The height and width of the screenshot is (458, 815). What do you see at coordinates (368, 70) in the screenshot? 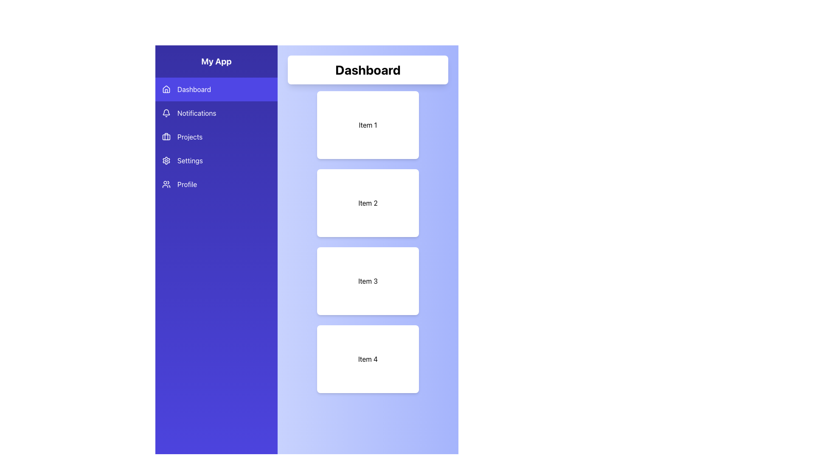
I see `the Heading or Label that serves as a title for the section above the grid of items labeled 'Item 1' through 'Item 4'` at bounding box center [368, 70].